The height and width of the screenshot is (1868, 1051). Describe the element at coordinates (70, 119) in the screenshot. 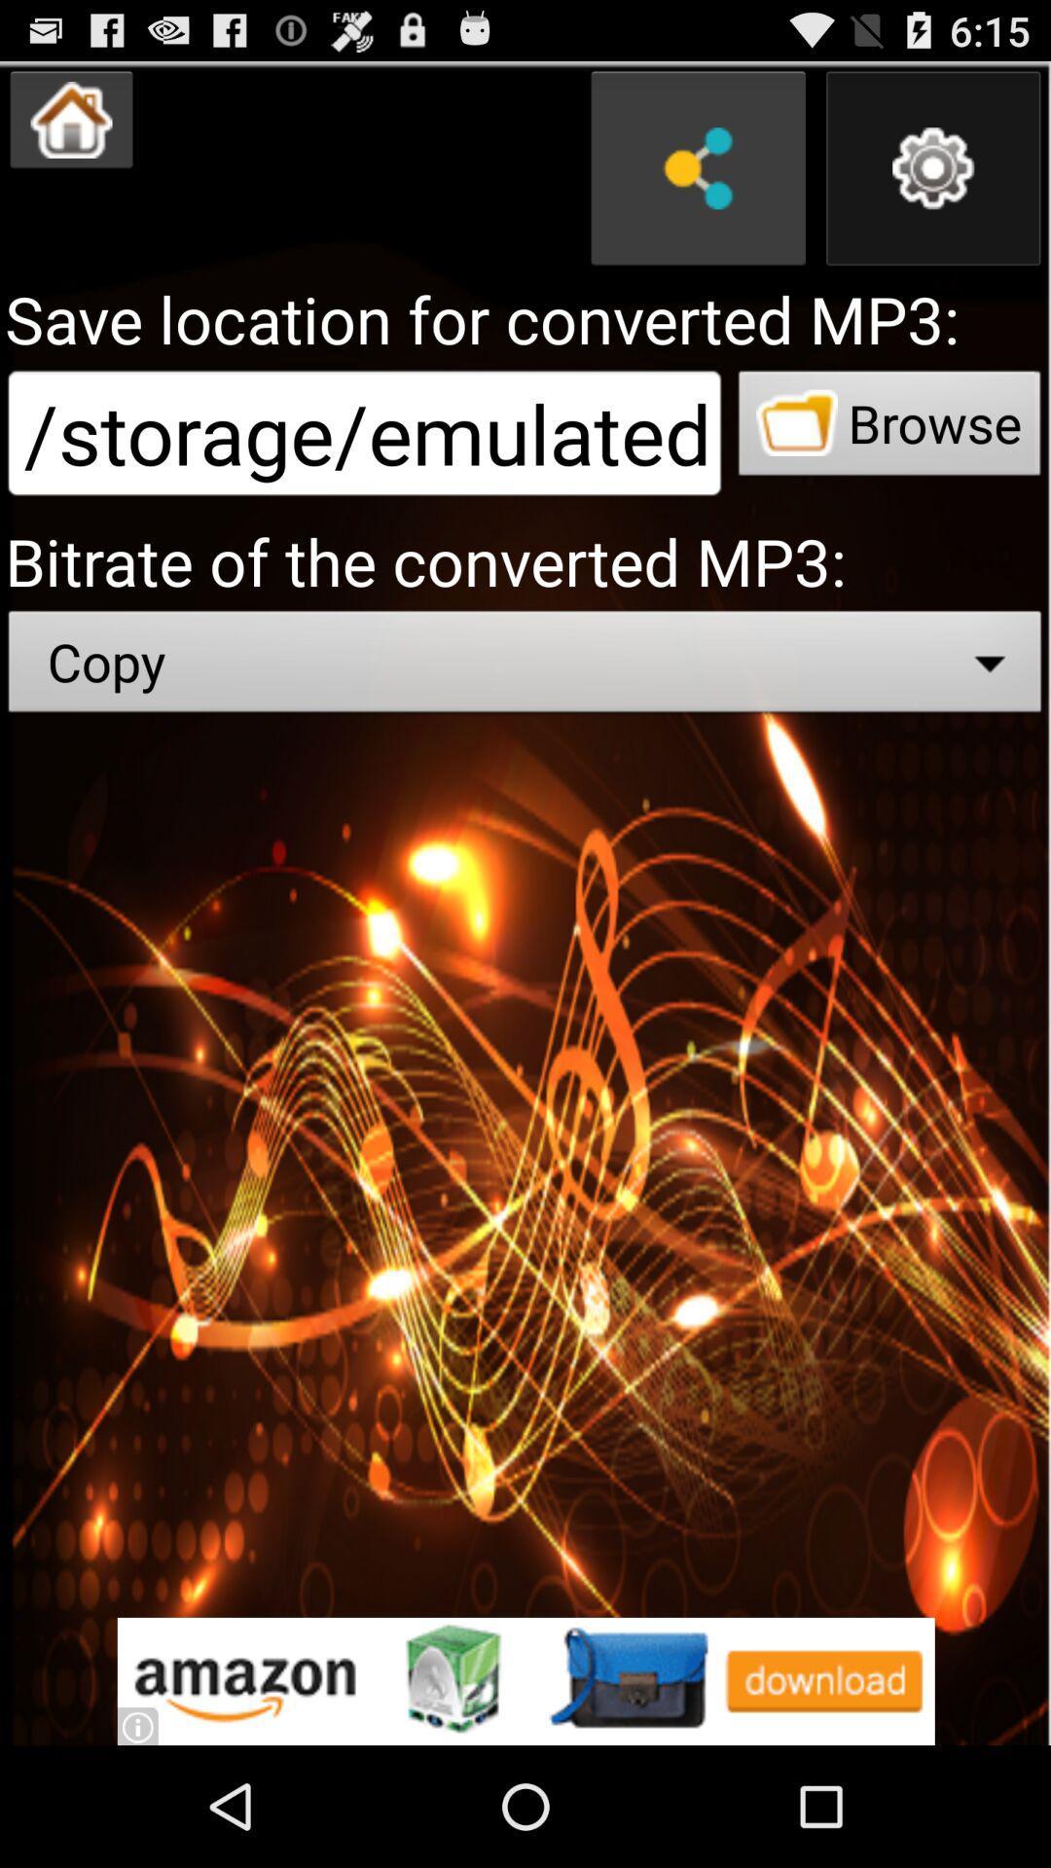

I see `return to home menu` at that location.